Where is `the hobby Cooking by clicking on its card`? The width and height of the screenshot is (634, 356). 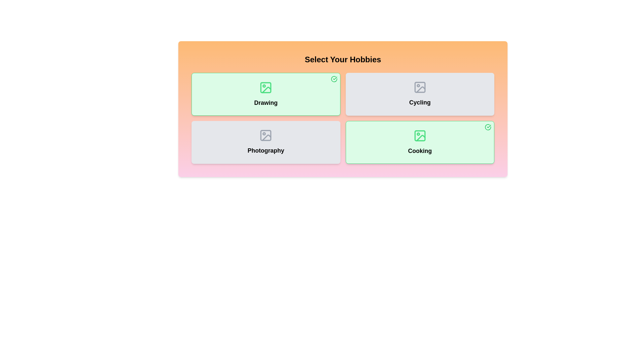 the hobby Cooking by clicking on its card is located at coordinates (419, 142).